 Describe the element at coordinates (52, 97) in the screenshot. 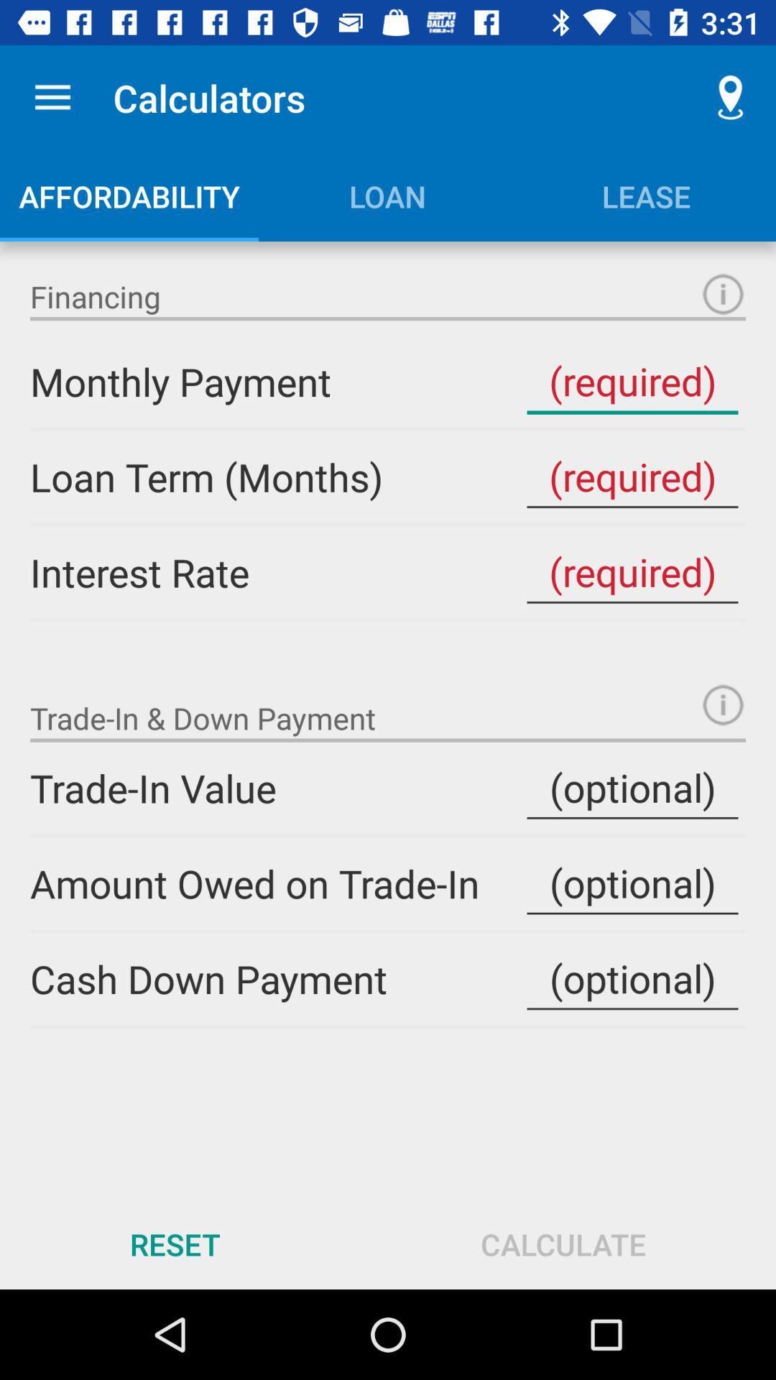

I see `item above affordability item` at that location.